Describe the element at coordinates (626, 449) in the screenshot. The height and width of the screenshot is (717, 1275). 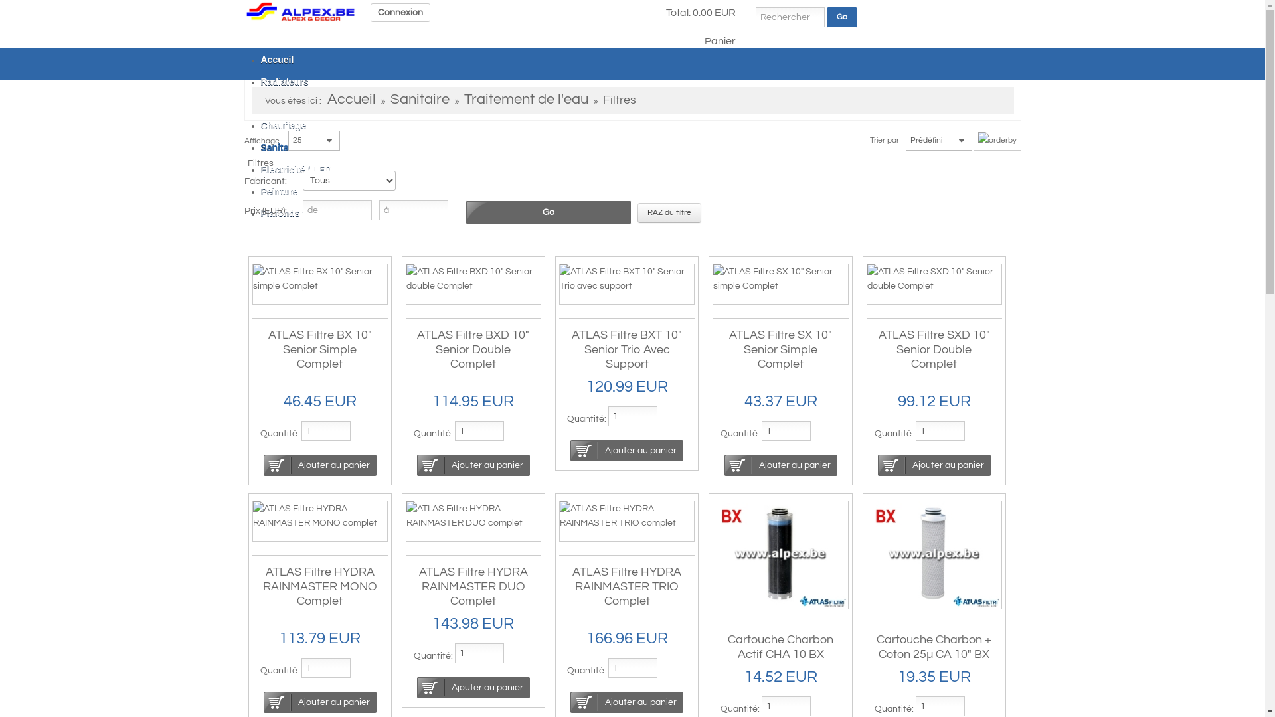
I see `'Ajouter au panier'` at that location.